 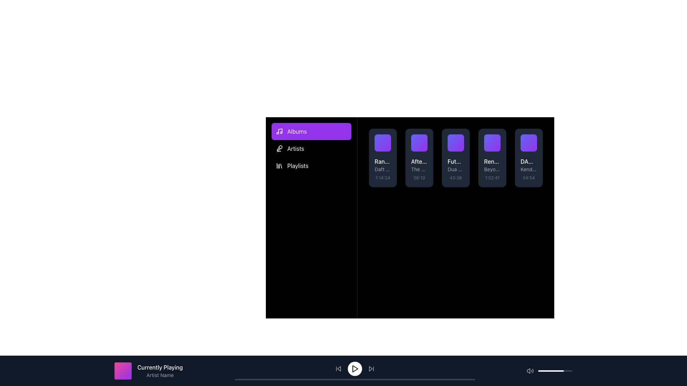 I want to click on the 'like' icon for the album 'Future Nostalgia' by Dua Lipa, so click(x=460, y=139).